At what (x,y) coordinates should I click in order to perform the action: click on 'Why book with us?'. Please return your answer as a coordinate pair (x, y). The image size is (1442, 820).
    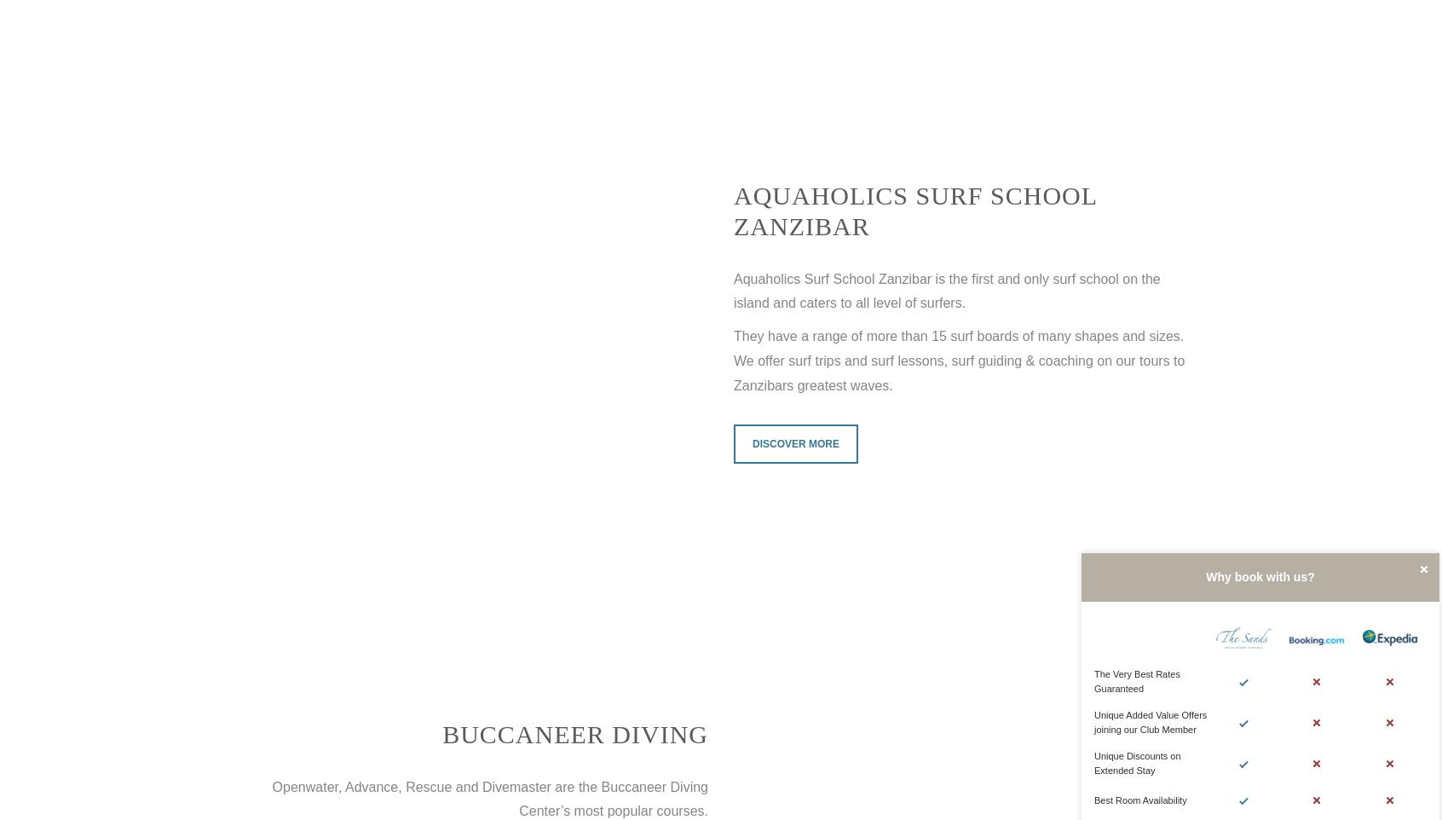
    Looking at the image, I should click on (1259, 575).